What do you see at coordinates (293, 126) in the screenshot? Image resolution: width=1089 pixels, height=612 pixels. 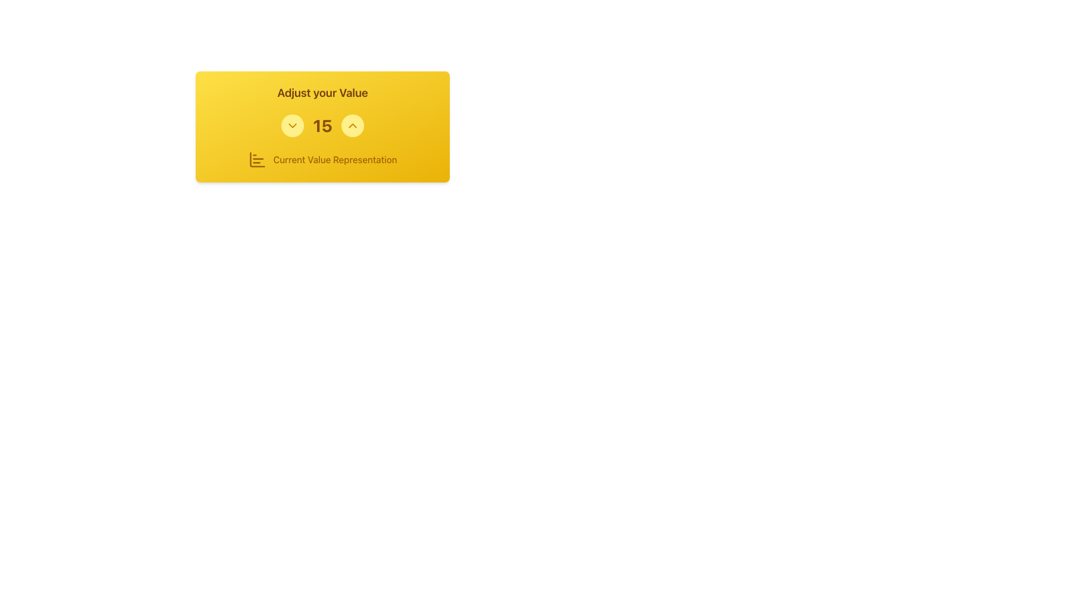 I see `the icon within the circular button located to the left of the numeric value display` at bounding box center [293, 126].